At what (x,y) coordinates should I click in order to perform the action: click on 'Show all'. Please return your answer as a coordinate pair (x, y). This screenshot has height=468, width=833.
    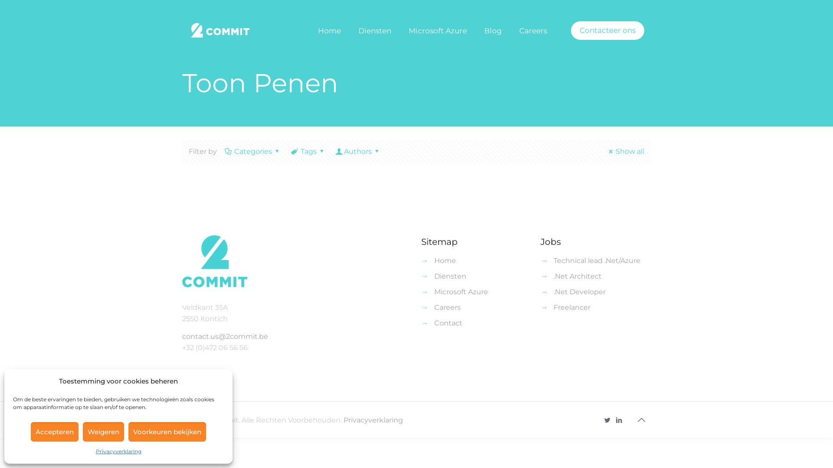
    Looking at the image, I should click on (625, 151).